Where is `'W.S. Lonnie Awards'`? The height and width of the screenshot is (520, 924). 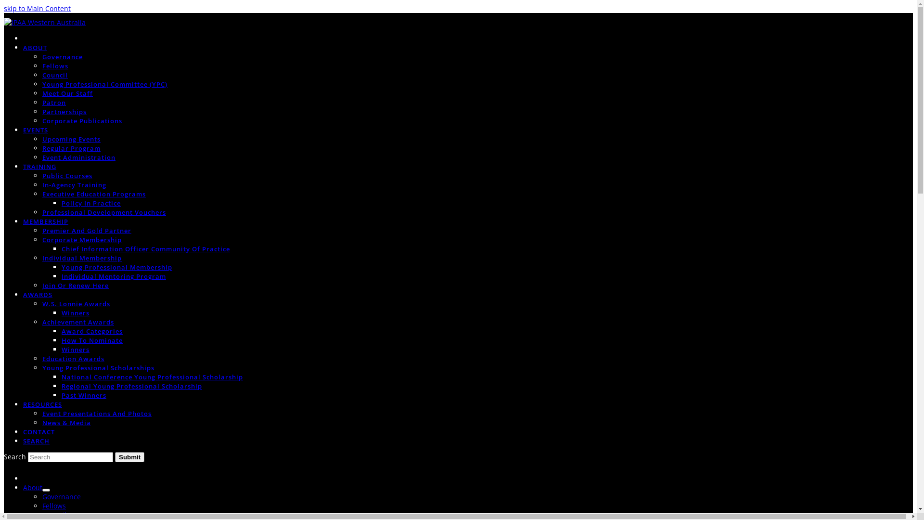 'W.S. Lonnie Awards' is located at coordinates (76, 303).